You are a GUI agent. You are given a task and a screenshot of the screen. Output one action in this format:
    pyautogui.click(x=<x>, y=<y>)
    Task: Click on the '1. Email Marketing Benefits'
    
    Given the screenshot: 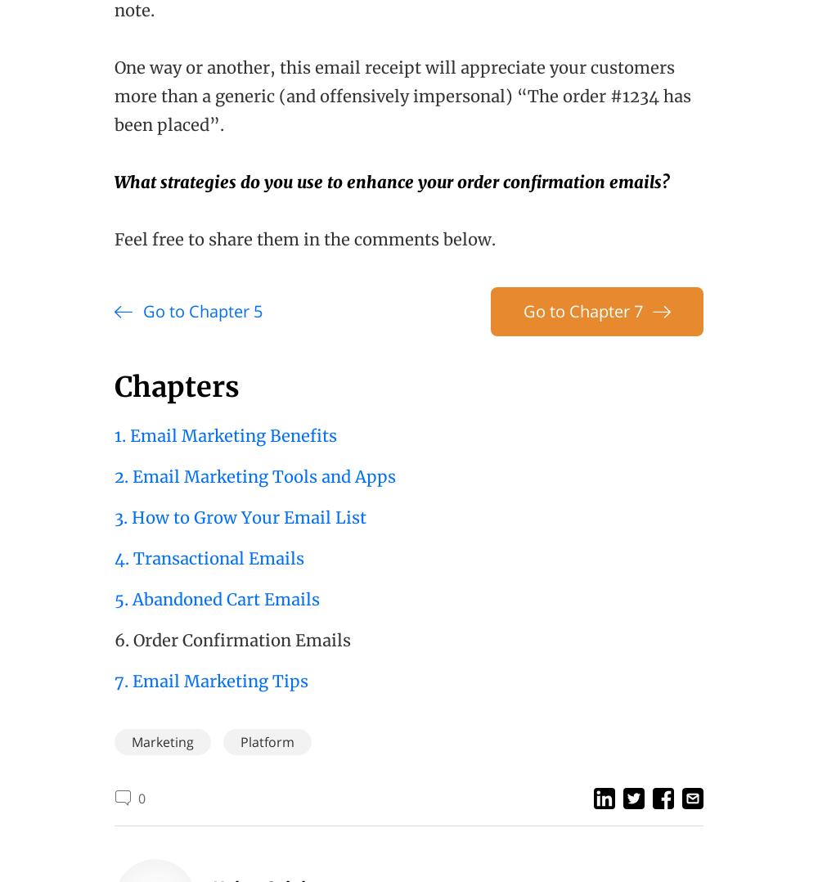 What is the action you would take?
    pyautogui.click(x=226, y=435)
    